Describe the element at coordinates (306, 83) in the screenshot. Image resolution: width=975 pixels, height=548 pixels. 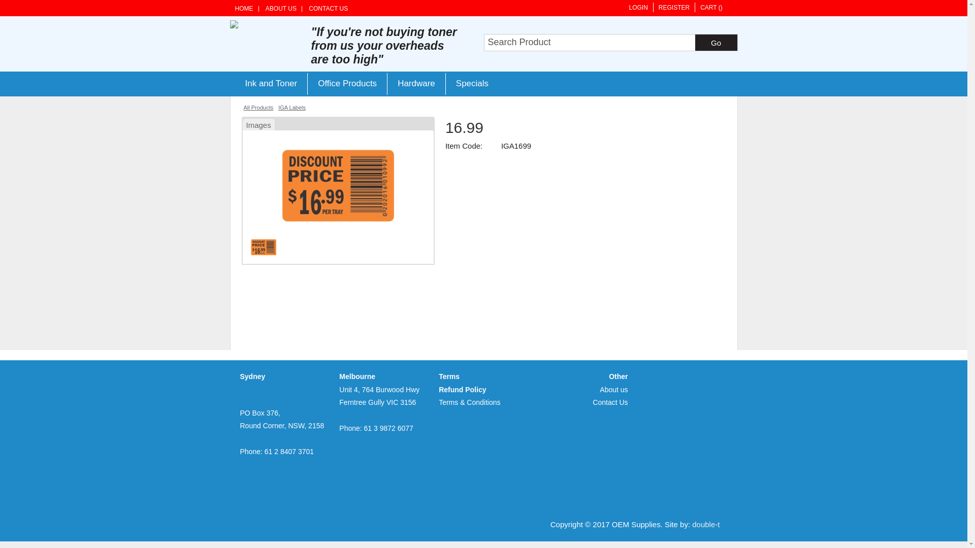
I see `'Office Products'` at that location.